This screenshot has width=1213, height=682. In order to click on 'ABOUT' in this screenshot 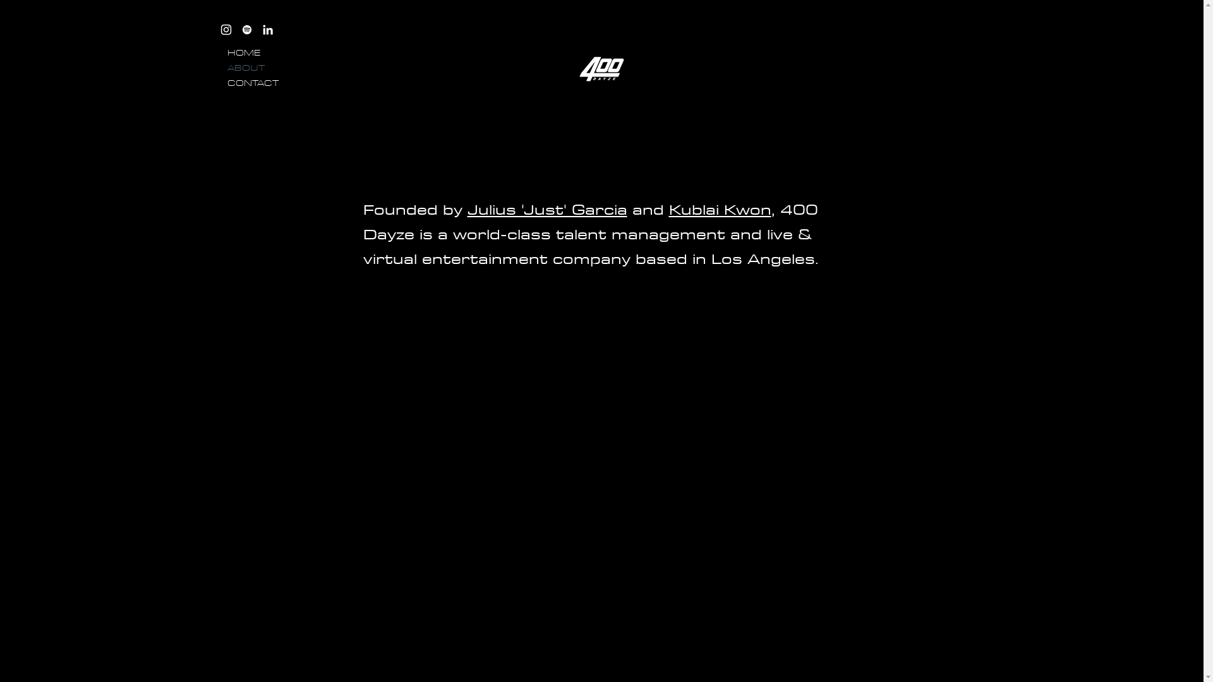, I will do `click(254, 68)`.